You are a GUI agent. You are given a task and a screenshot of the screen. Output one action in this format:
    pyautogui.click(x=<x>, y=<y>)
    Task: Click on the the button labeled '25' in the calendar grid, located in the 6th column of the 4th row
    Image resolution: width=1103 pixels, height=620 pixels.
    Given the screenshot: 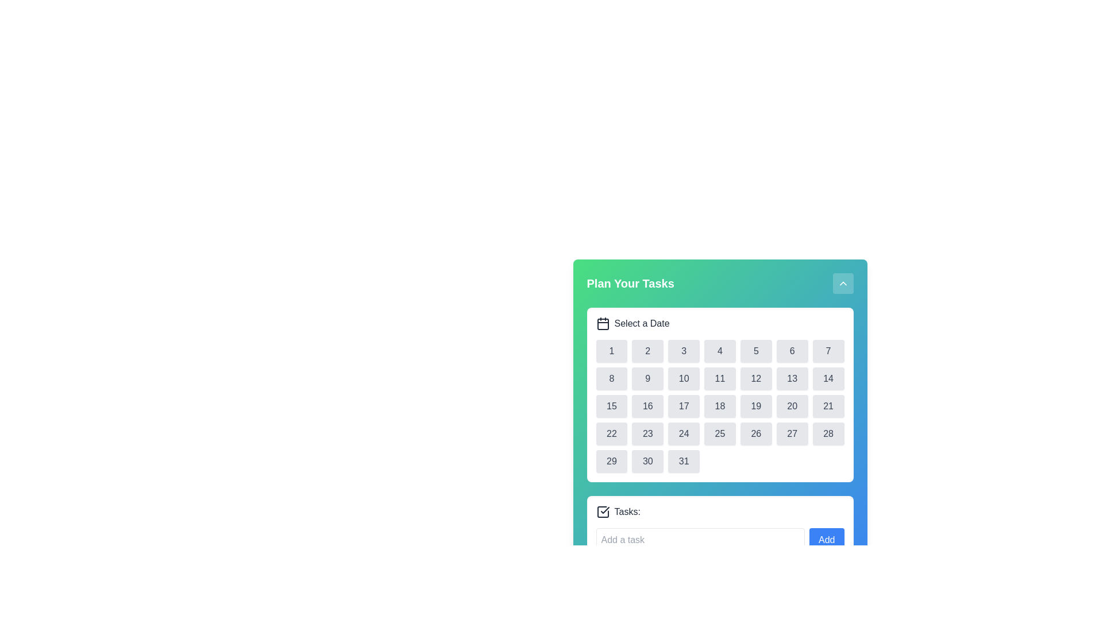 What is the action you would take?
    pyautogui.click(x=719, y=434)
    